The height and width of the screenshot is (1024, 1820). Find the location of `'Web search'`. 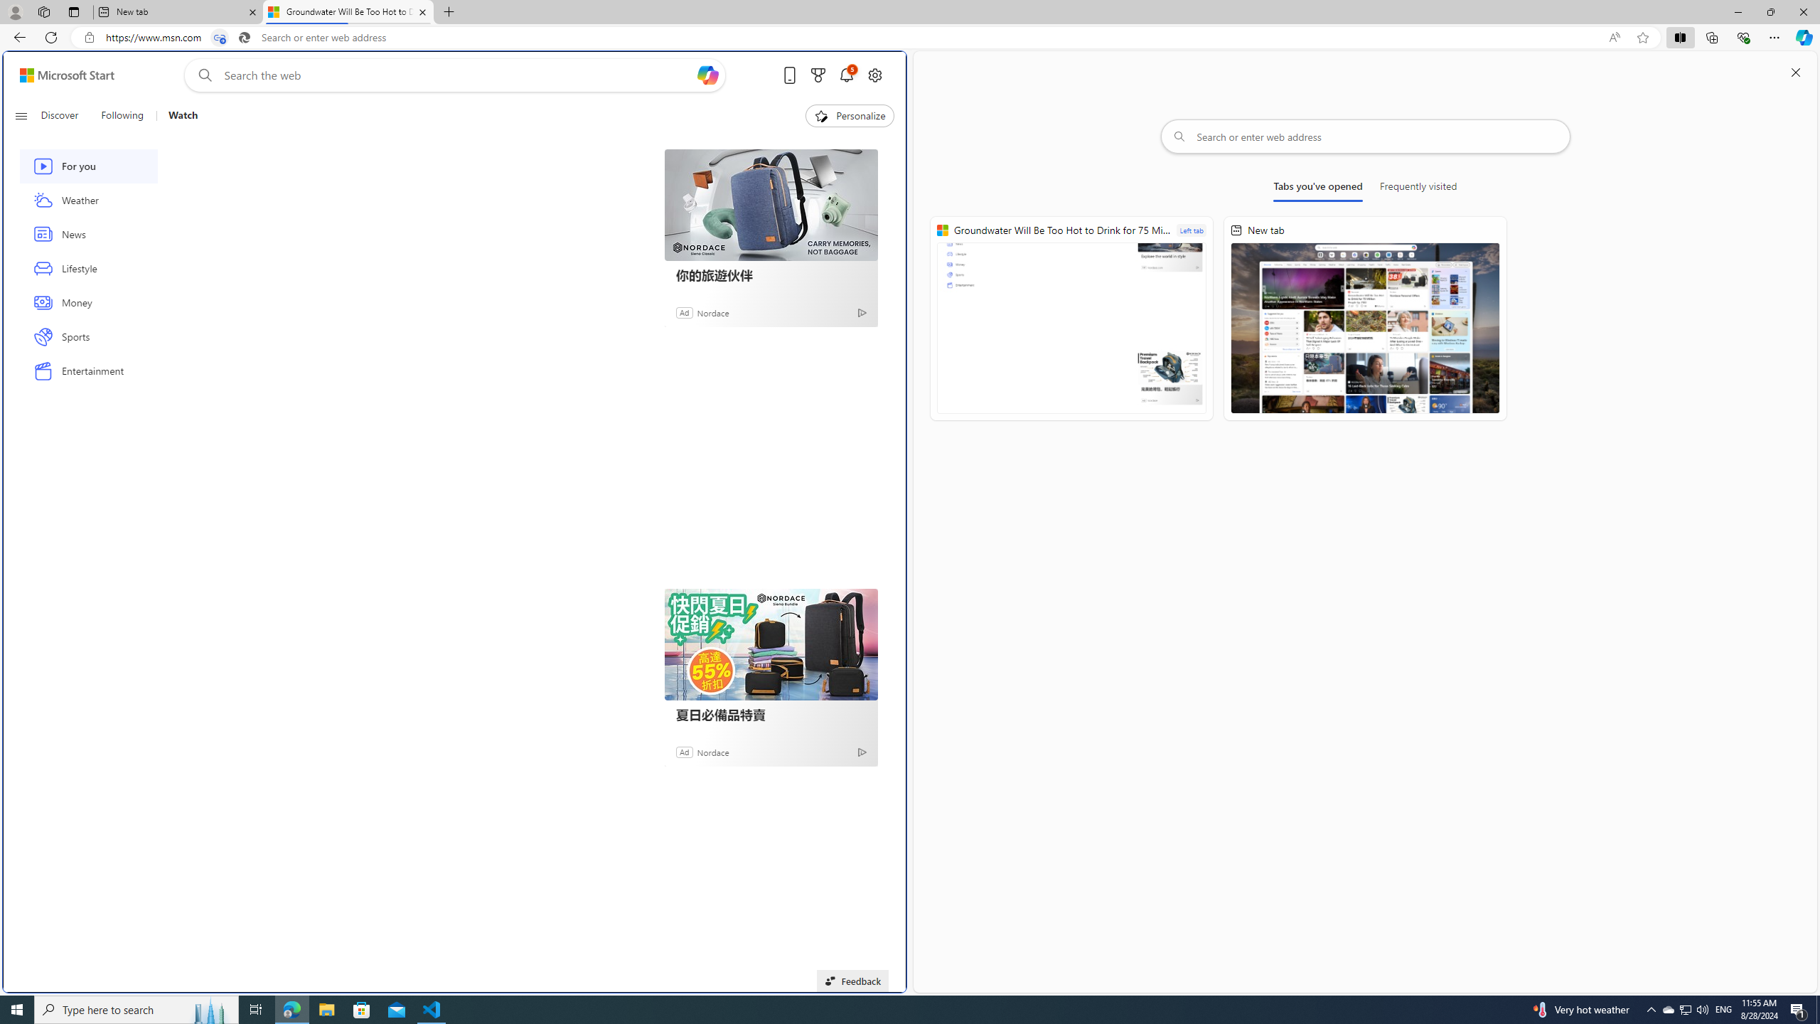

'Web search' is located at coordinates (202, 75).